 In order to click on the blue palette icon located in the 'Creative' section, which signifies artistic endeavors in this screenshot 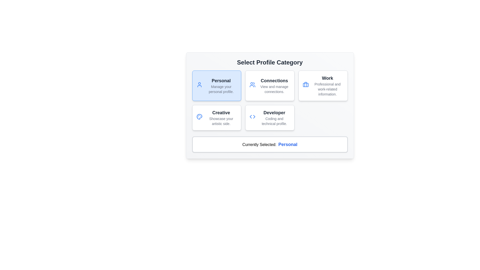, I will do `click(199, 117)`.